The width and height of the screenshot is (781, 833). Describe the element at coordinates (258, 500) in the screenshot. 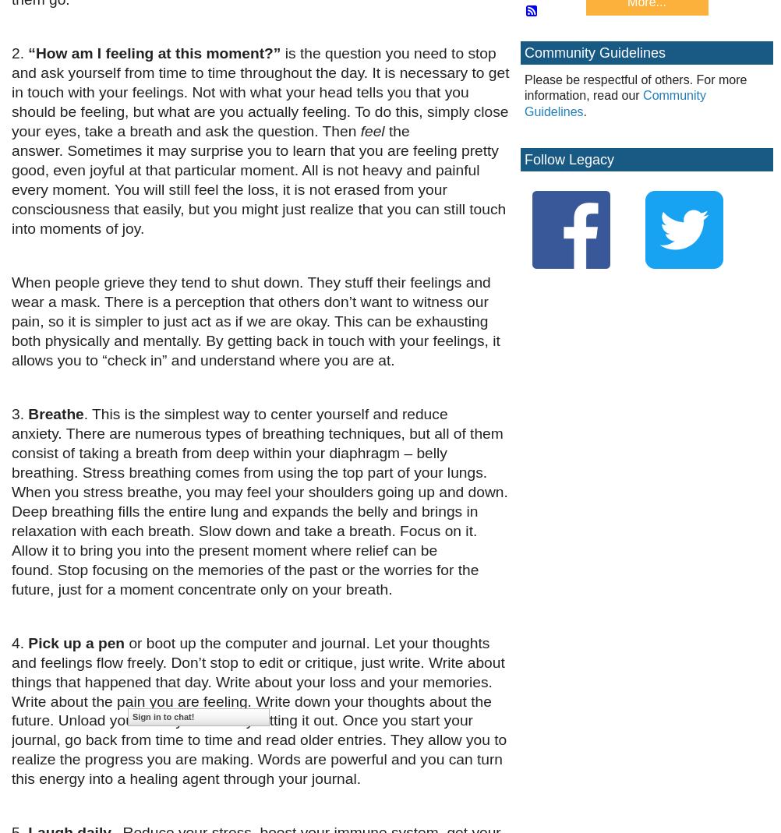

I see `'. This is the simplest way to center yourself and reduce anxiety. There are numerous types of breathing techniques, but all of them consist of taking a breath from deep within your diaphragm – belly breathing. Stress breathing comes from using the top part of your lungs. When you stress breathe, you may feel your shoulders going up and down. Deep breathing fills the entire lung and expands the belly and brings in relaxation with each breath. Slow down and take a breath. Focus on it. Allow it to bring you into the present moment where relief can be found. Stop focusing on the memories of the past or the worries for the future, just for a moment concentrate only on your breath.'` at that location.